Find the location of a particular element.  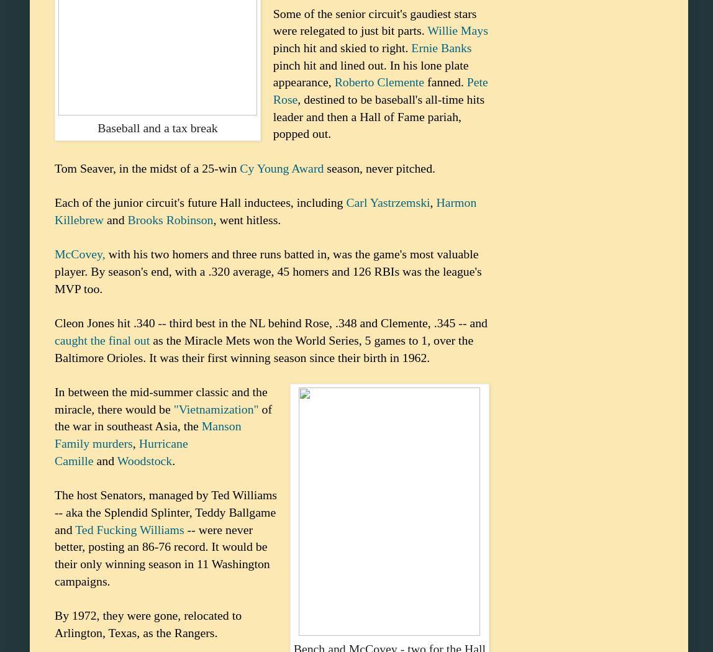

'as the Miracle Mets won the World Series, 5 games to 1, over the Baltimore Orioles. It was their first winning season since their birth in 1962.' is located at coordinates (263, 348).